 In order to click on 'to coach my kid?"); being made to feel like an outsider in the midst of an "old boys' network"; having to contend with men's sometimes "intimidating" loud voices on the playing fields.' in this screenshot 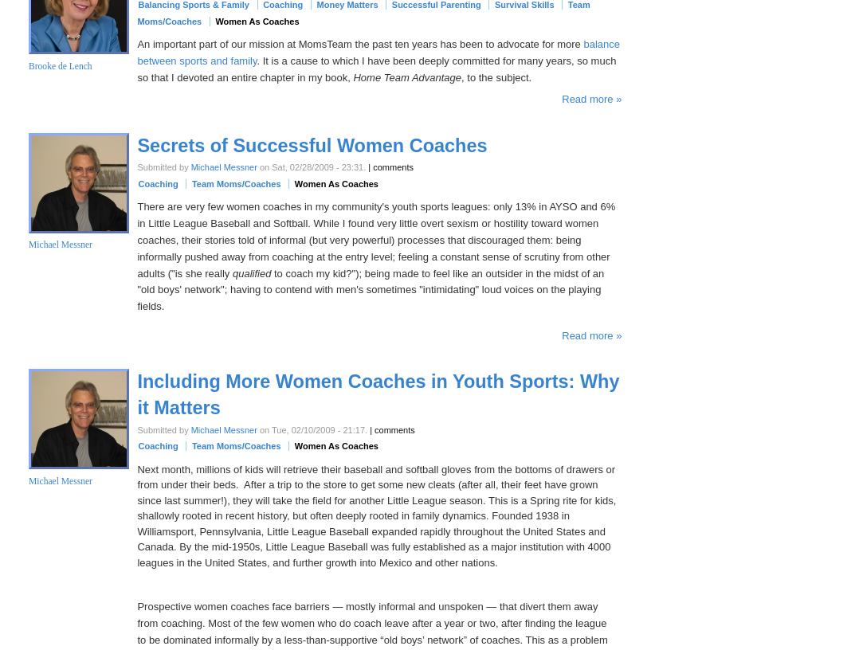, I will do `click(371, 289)`.